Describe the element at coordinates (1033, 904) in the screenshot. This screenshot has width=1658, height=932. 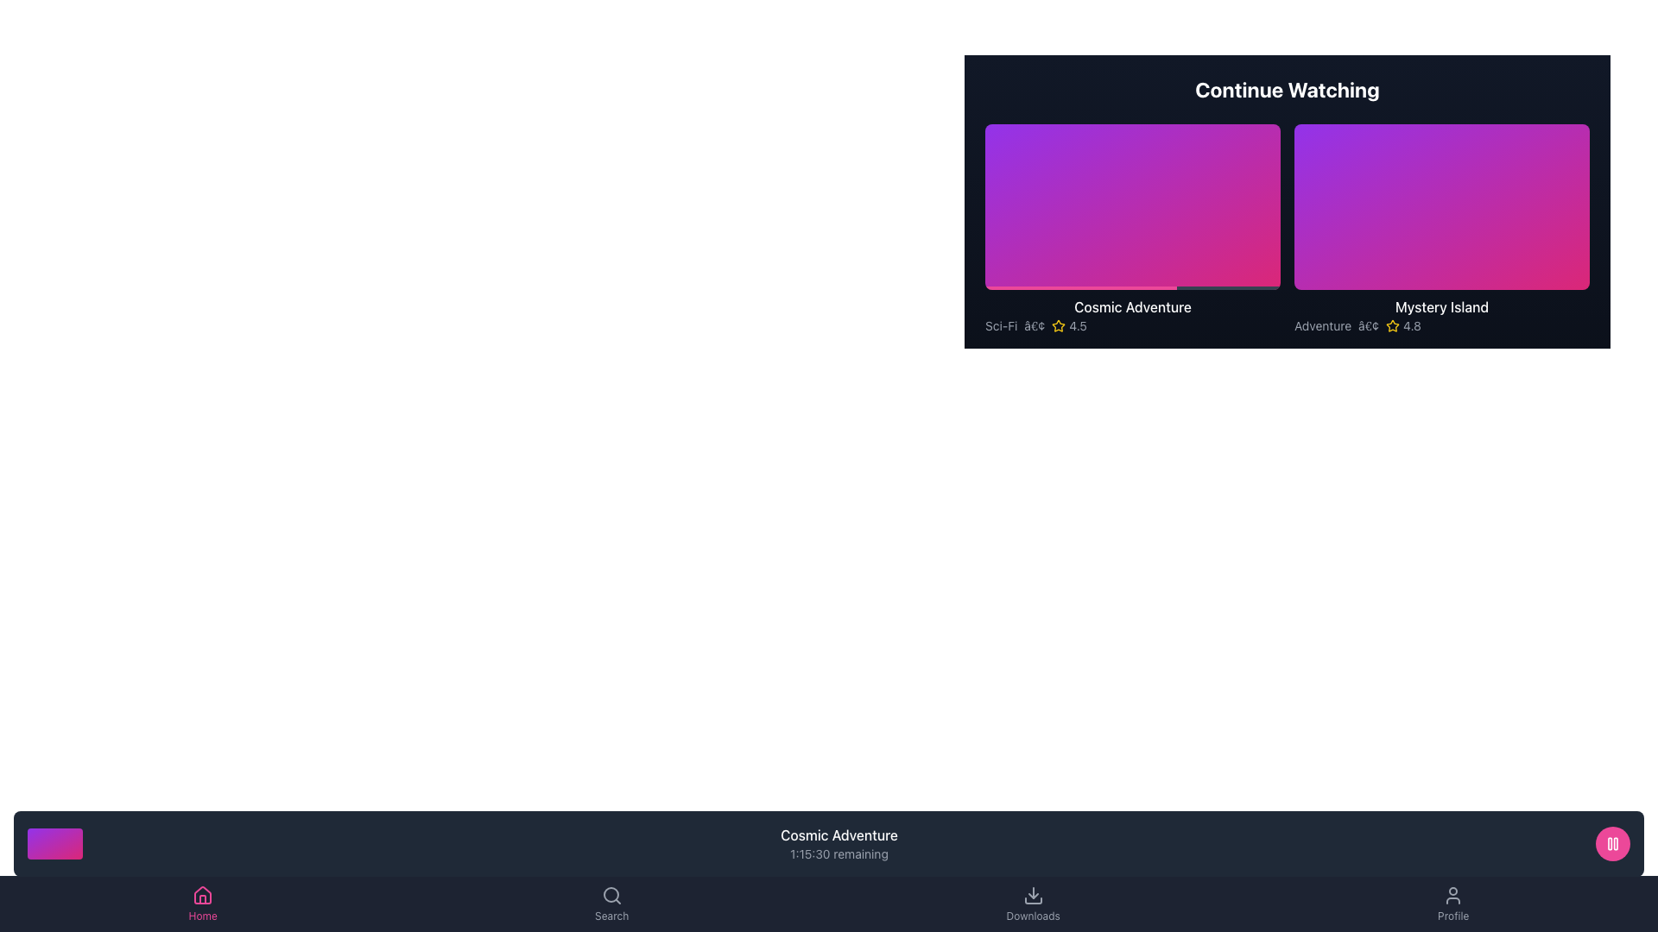
I see `the 'Downloads' navigation tab located on the bottom navigation bar` at that location.